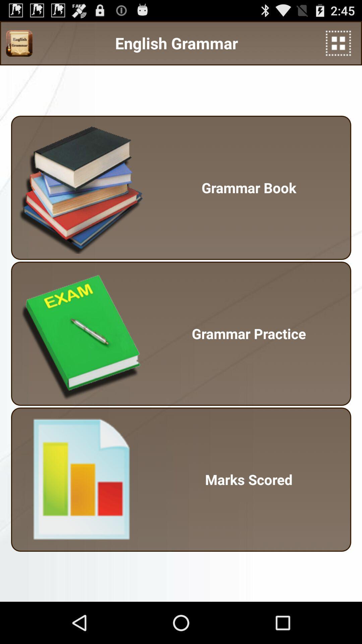 The height and width of the screenshot is (644, 362). What do you see at coordinates (338, 43) in the screenshot?
I see `the app above grammar book item` at bounding box center [338, 43].